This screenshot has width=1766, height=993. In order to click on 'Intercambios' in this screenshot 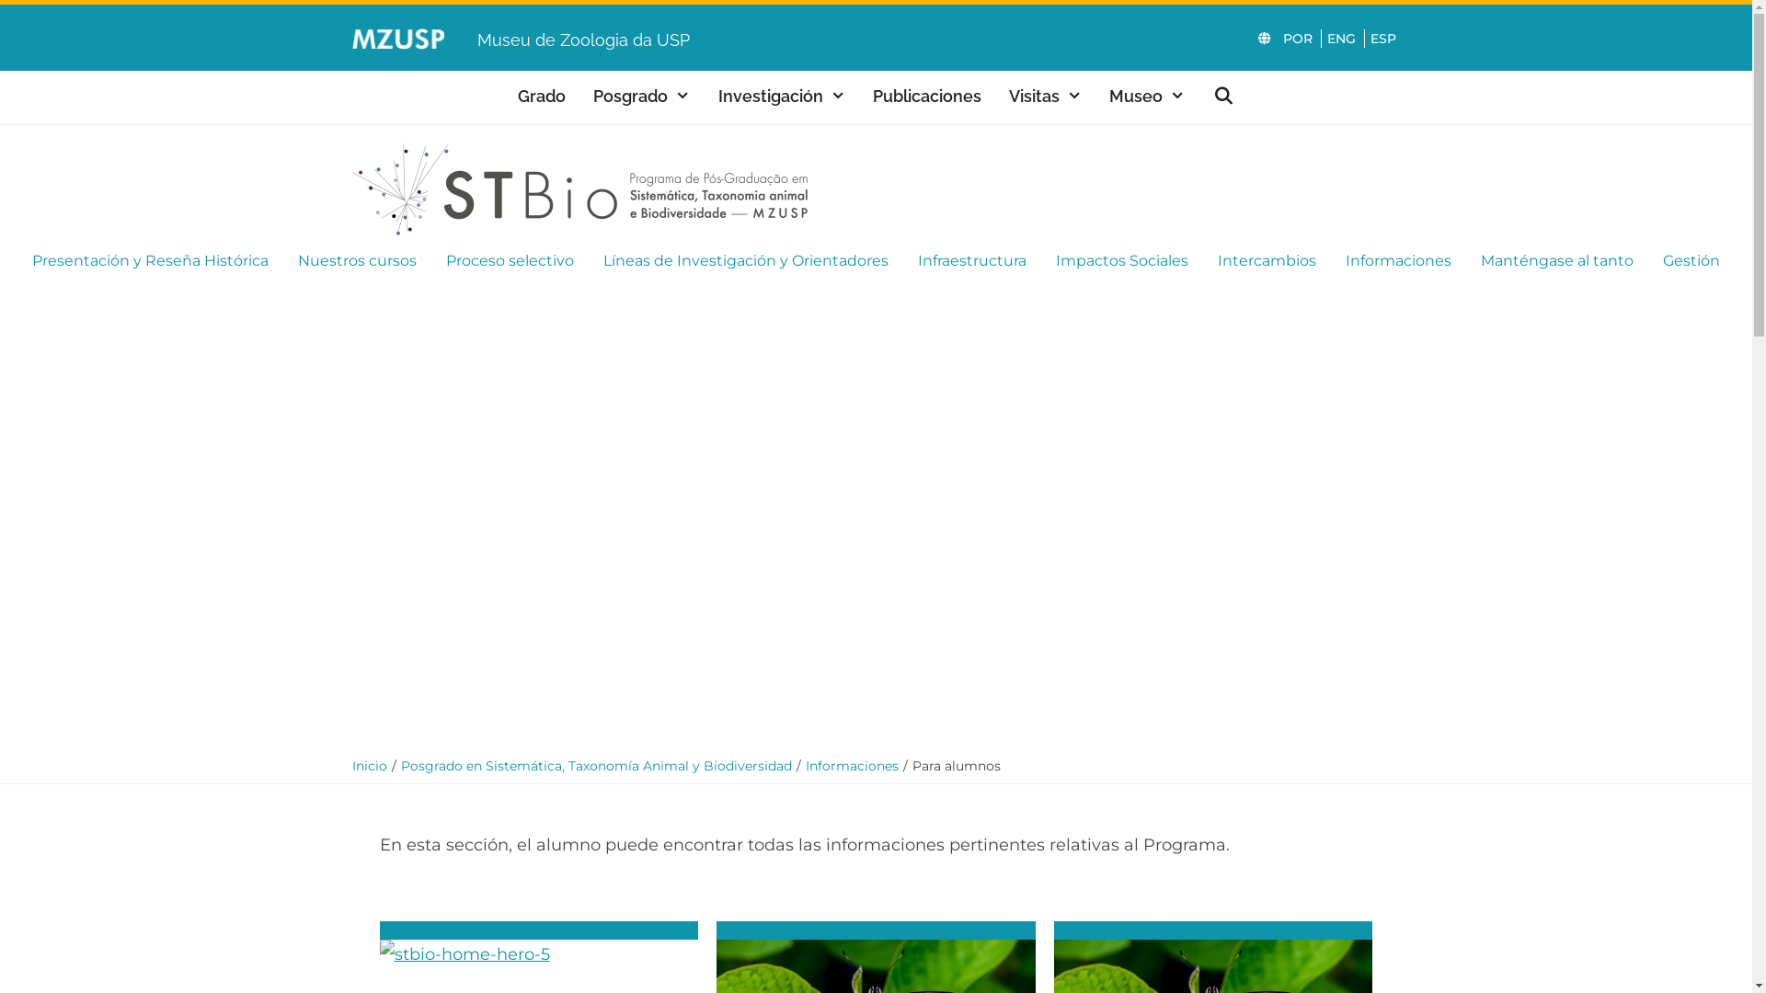, I will do `click(1266, 261)`.